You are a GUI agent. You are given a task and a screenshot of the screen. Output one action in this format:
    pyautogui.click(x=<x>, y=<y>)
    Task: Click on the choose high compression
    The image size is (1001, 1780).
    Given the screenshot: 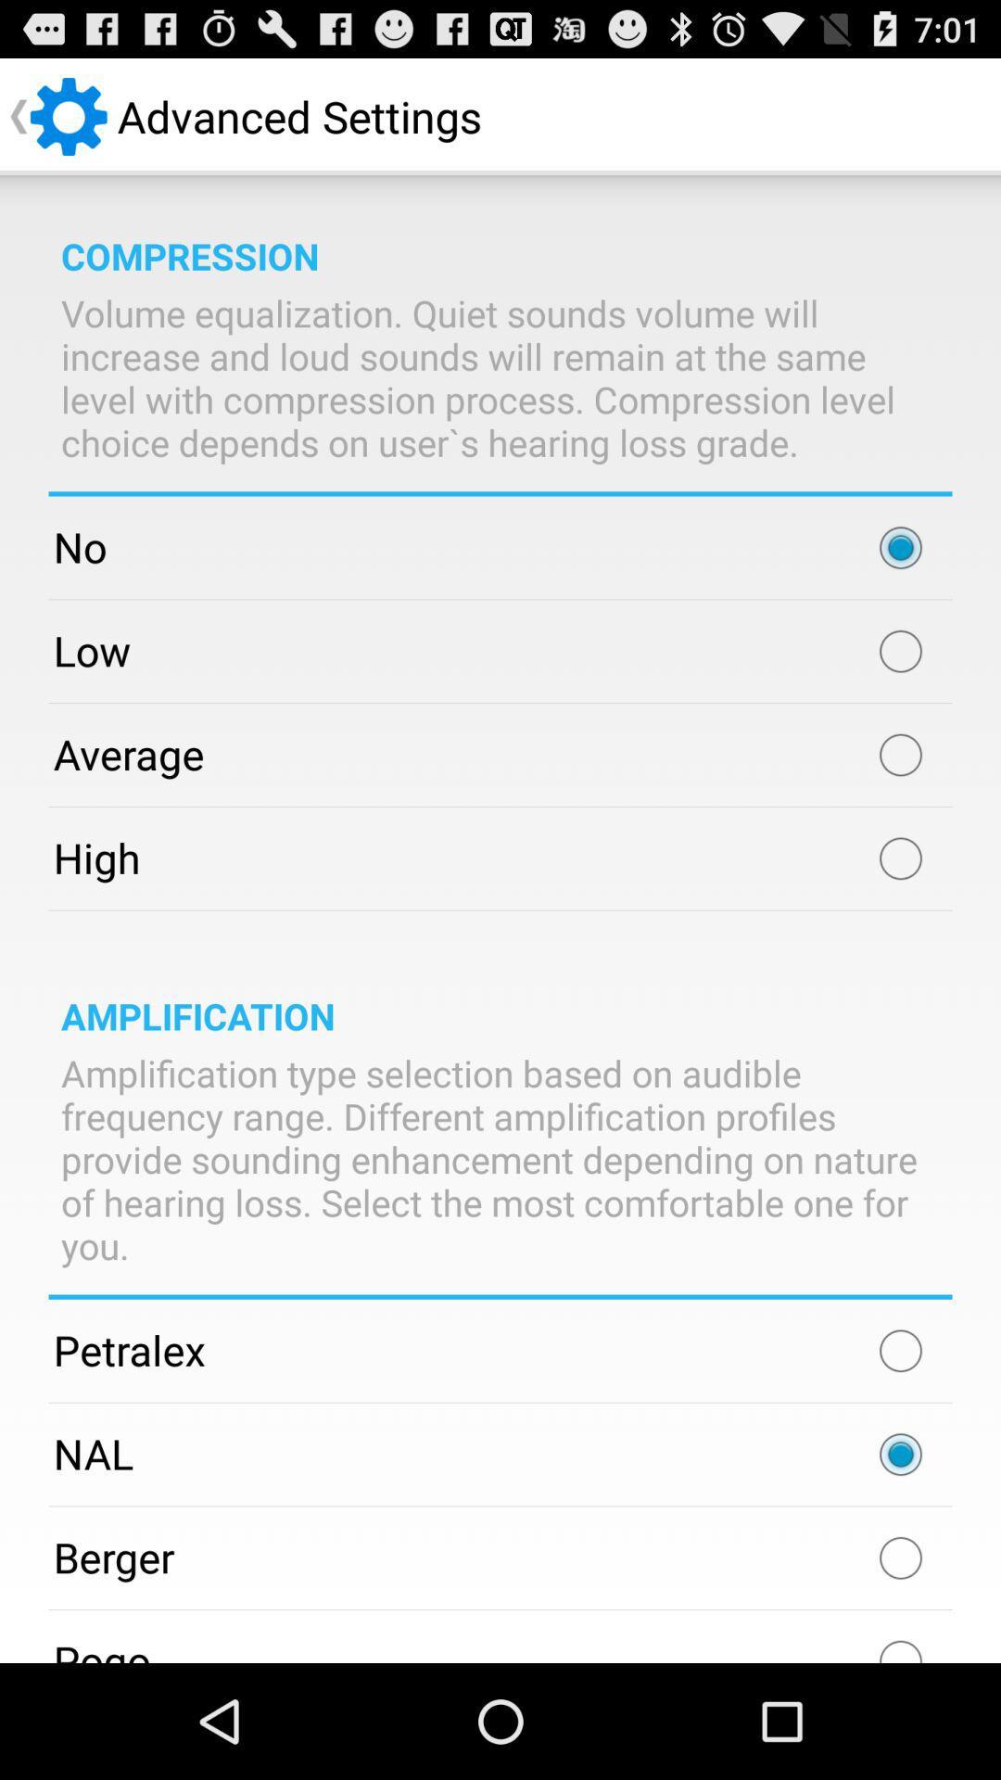 What is the action you would take?
    pyautogui.click(x=900, y=858)
    